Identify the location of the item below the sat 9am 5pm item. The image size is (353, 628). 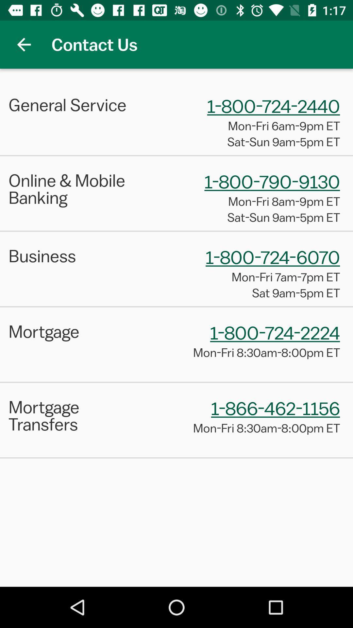
(176, 306).